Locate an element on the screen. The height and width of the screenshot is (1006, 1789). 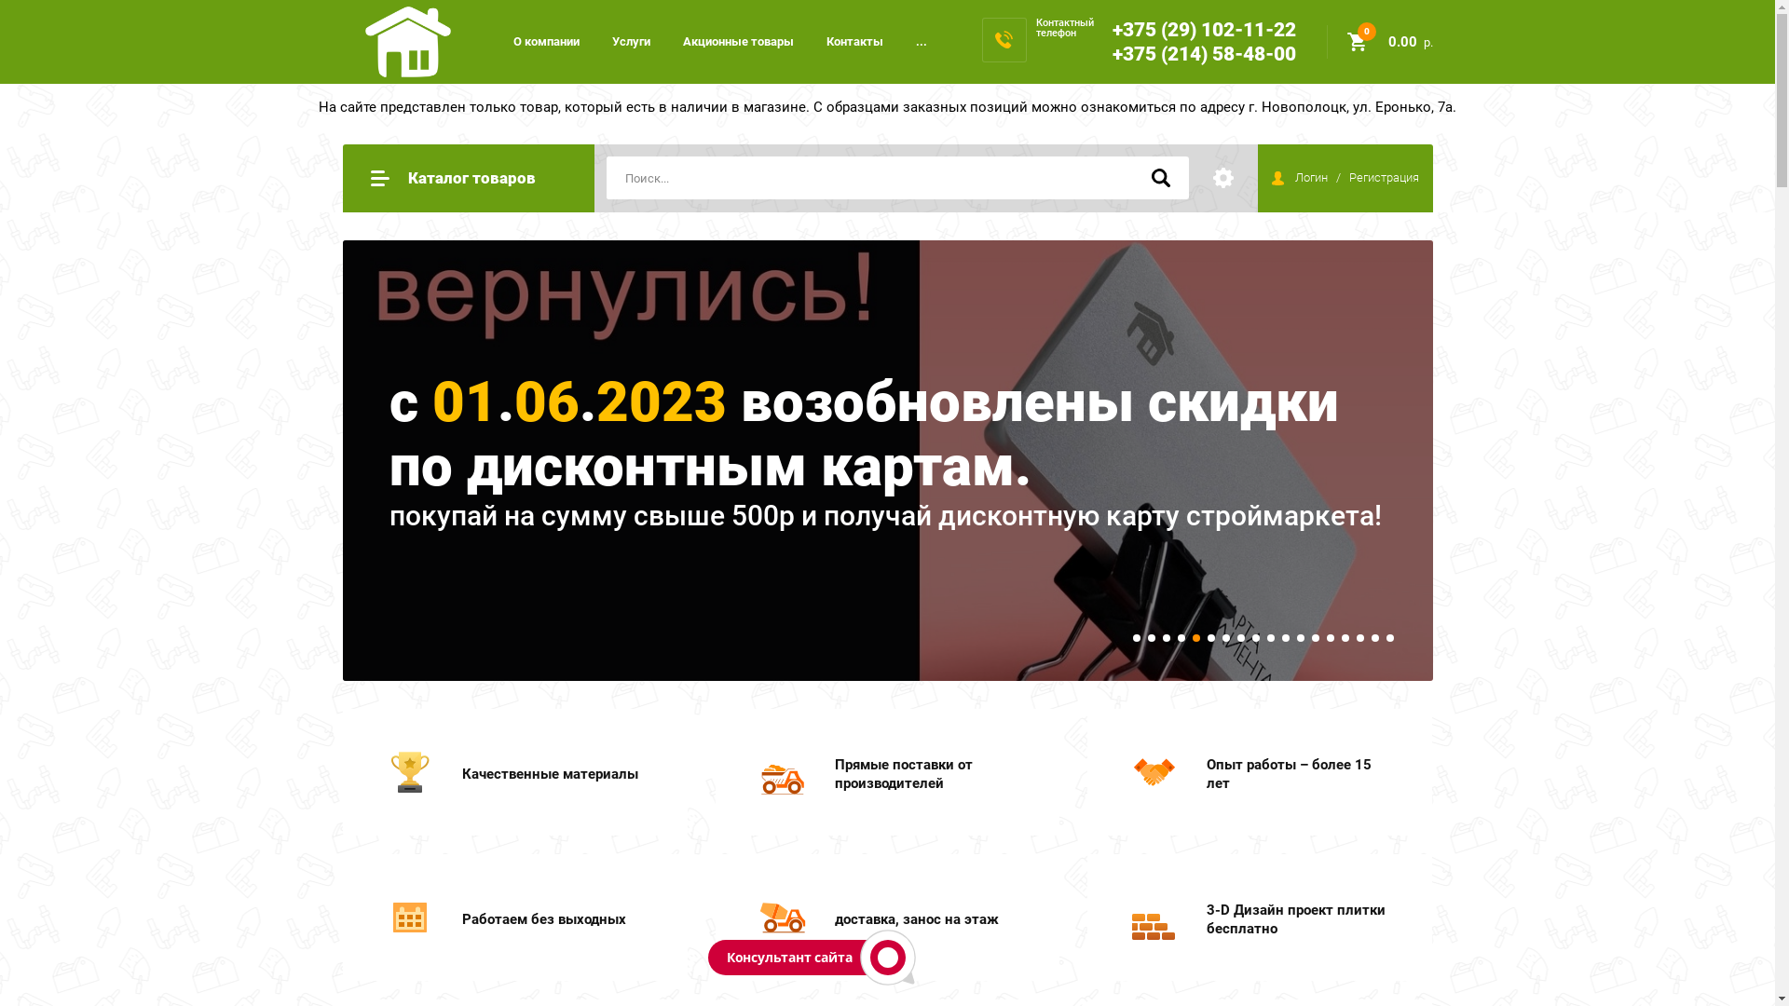
'...' is located at coordinates (921, 41).